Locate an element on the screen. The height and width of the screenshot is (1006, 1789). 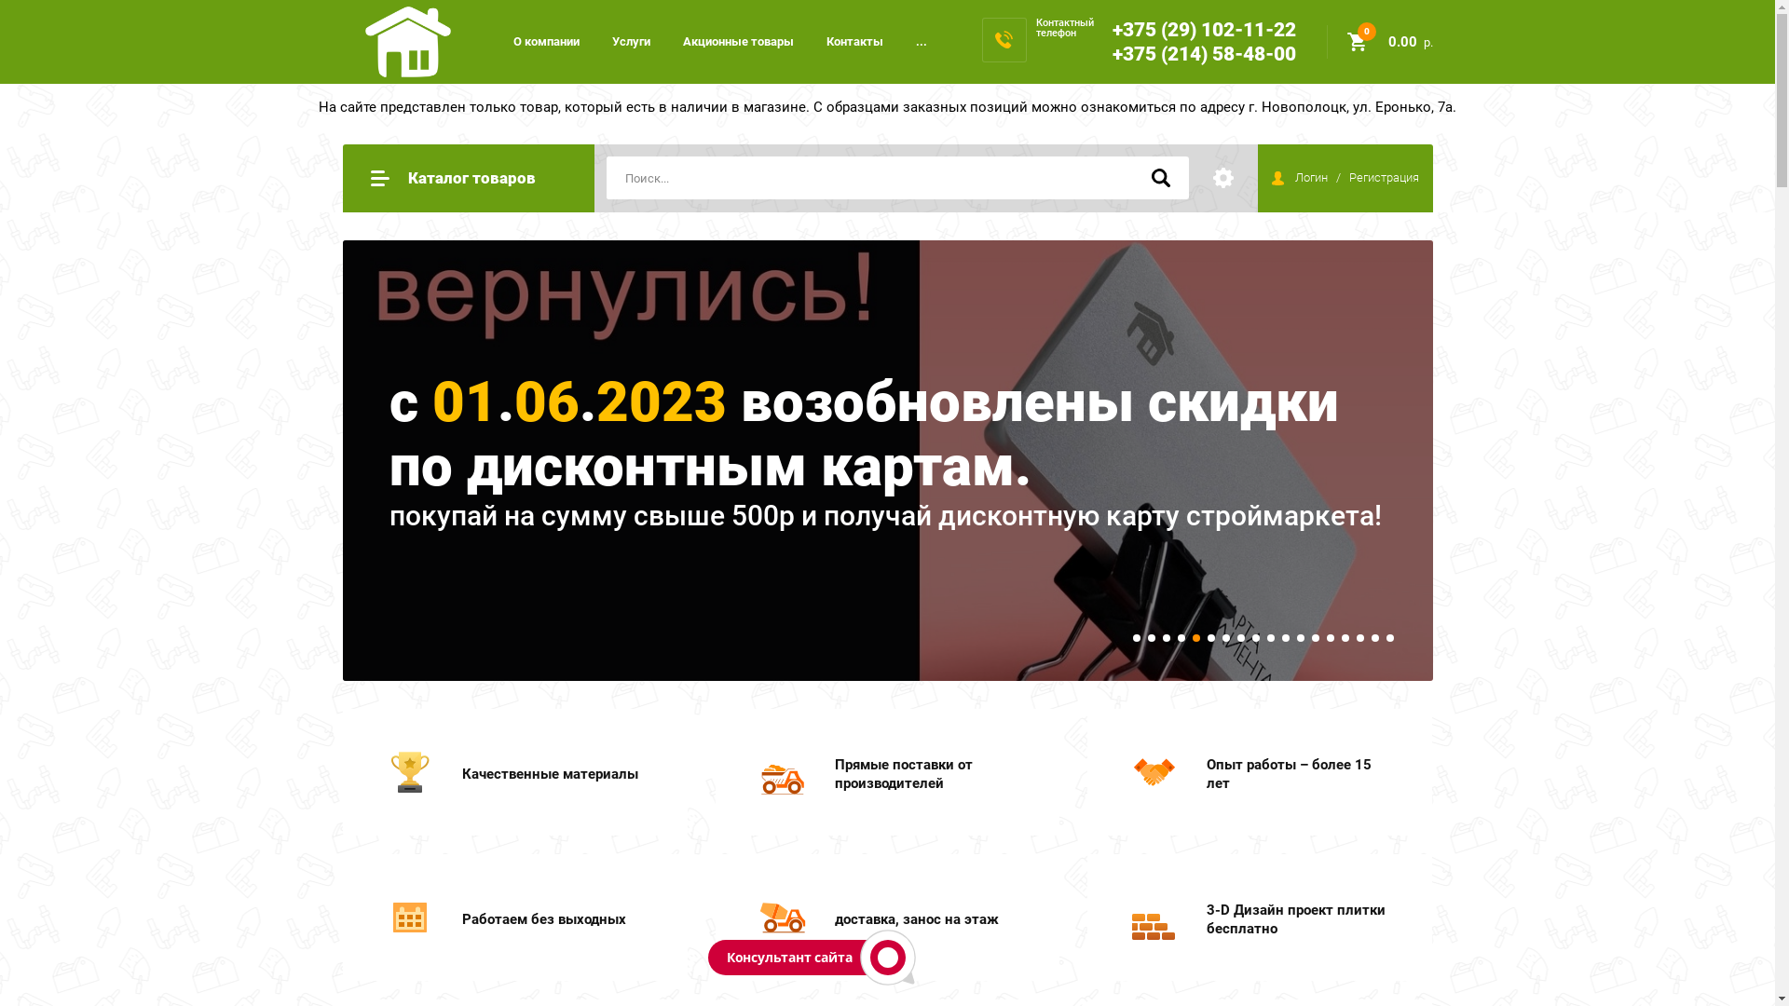
'...' is located at coordinates (921, 41).